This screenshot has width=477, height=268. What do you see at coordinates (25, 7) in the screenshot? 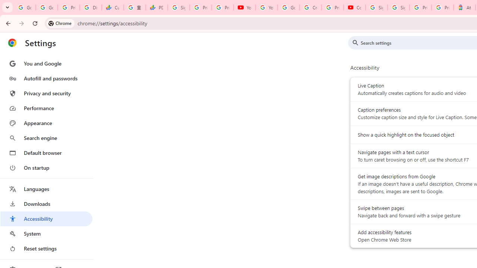
I see `'Google Workspace Admin Community'` at bounding box center [25, 7].